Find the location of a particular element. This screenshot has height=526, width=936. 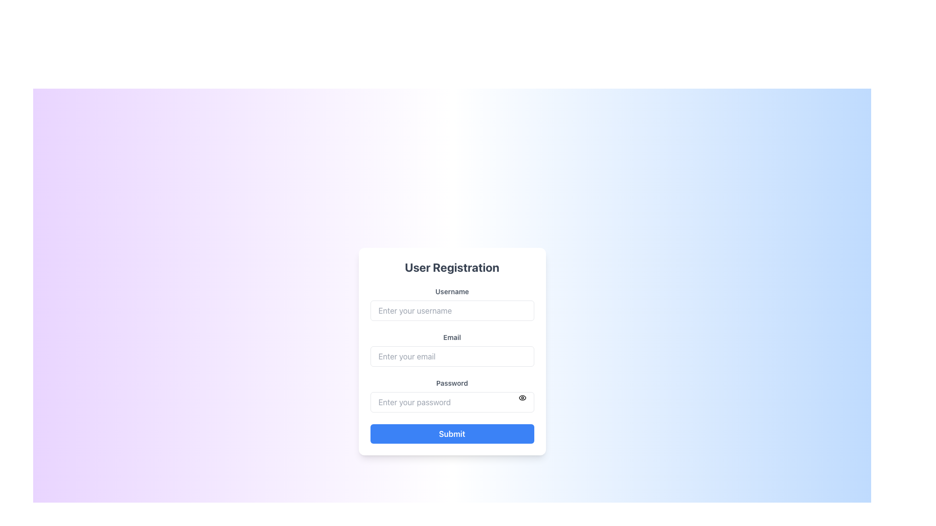

the 'Submit' button located at the bottom of the 'User Registration' form is located at coordinates (451, 433).